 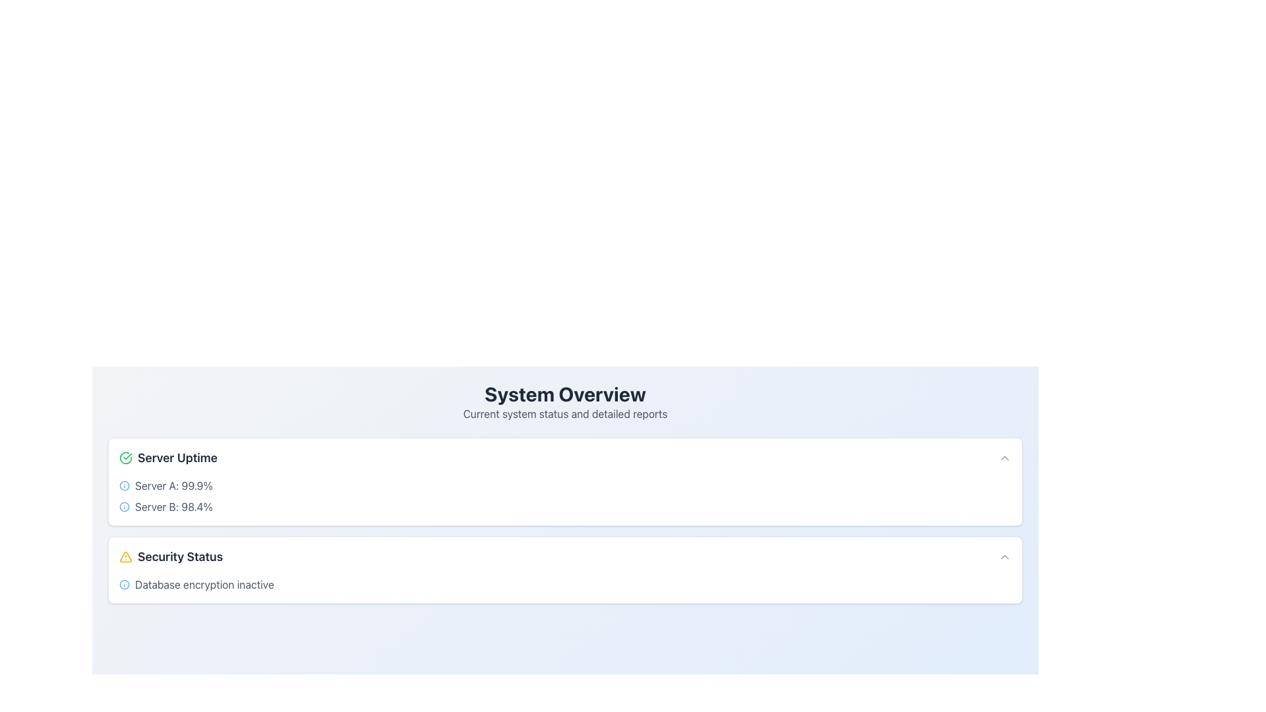 I want to click on the compact blue circular icon associated with 'Server B: 98.4%', so click(x=124, y=506).